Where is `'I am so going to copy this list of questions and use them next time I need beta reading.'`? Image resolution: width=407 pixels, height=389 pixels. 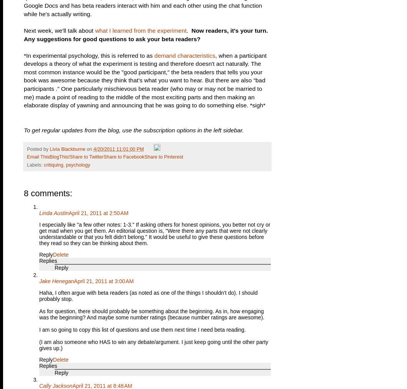 'I am so going to copy this list of questions and use them next time I need beta reading.' is located at coordinates (142, 329).